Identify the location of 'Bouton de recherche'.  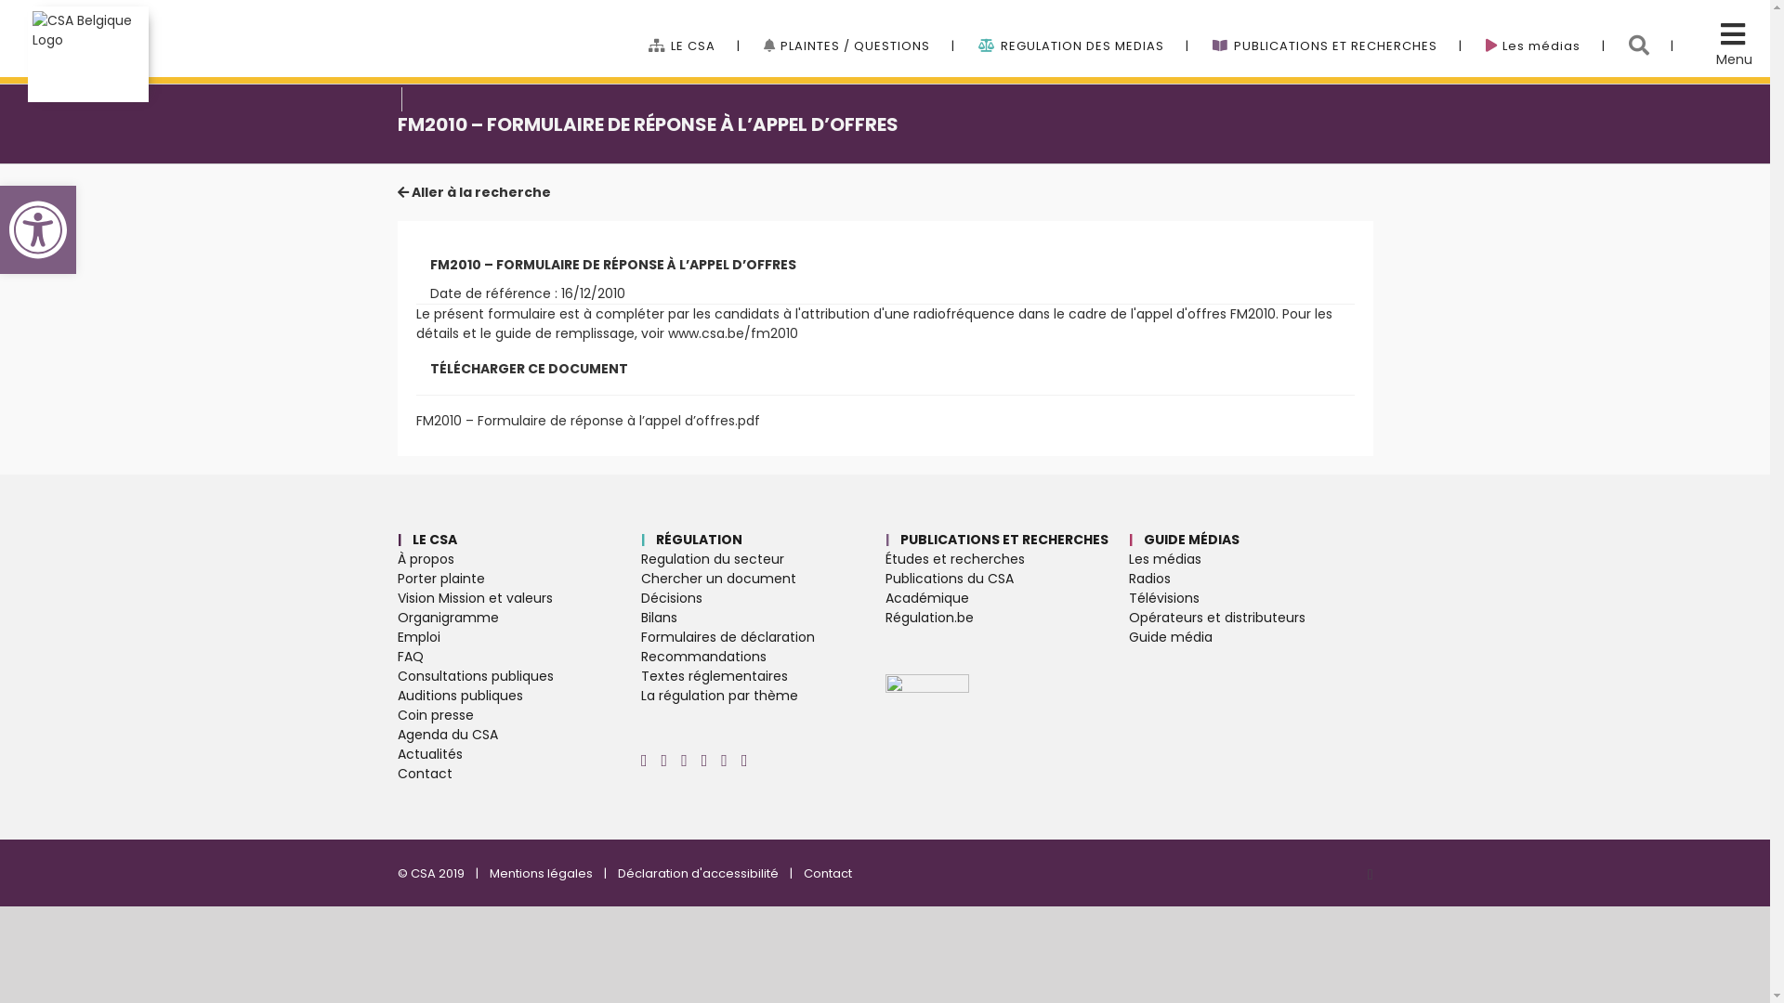
(1651, 27).